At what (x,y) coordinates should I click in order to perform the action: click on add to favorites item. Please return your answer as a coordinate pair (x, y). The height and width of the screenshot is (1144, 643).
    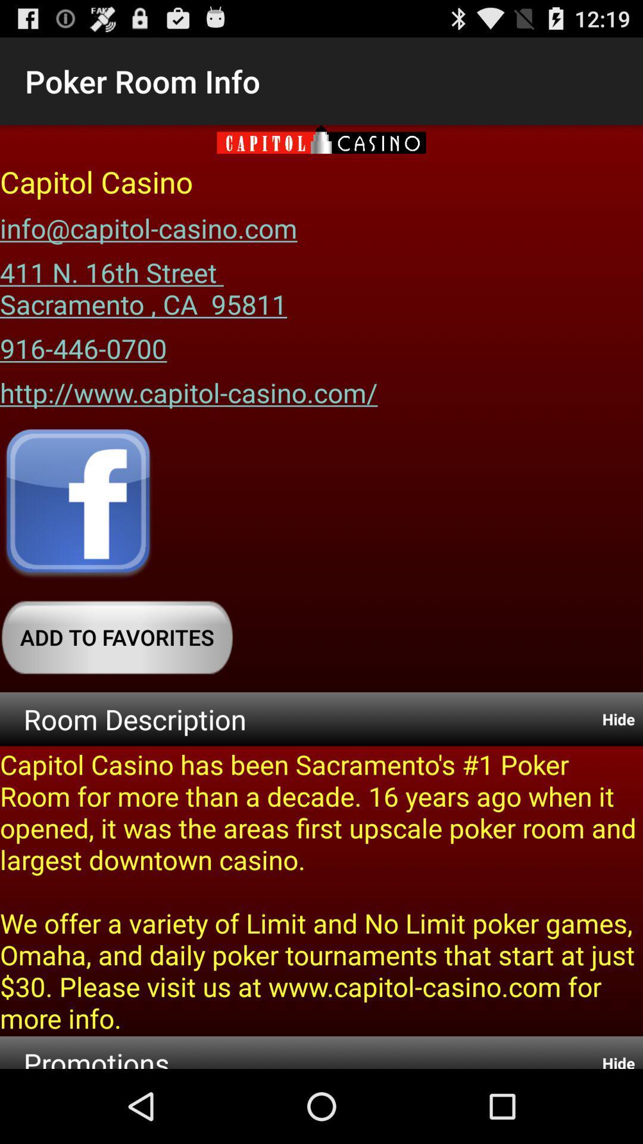
    Looking at the image, I should click on (117, 636).